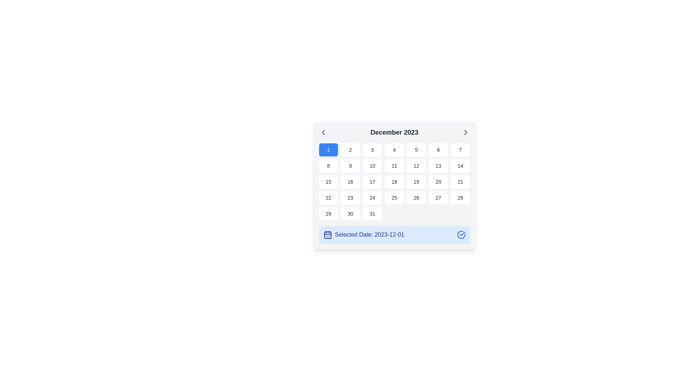 This screenshot has height=392, width=697. What do you see at coordinates (394, 132) in the screenshot?
I see `the header text displaying the currently selected month and year in the date-picker interface` at bounding box center [394, 132].